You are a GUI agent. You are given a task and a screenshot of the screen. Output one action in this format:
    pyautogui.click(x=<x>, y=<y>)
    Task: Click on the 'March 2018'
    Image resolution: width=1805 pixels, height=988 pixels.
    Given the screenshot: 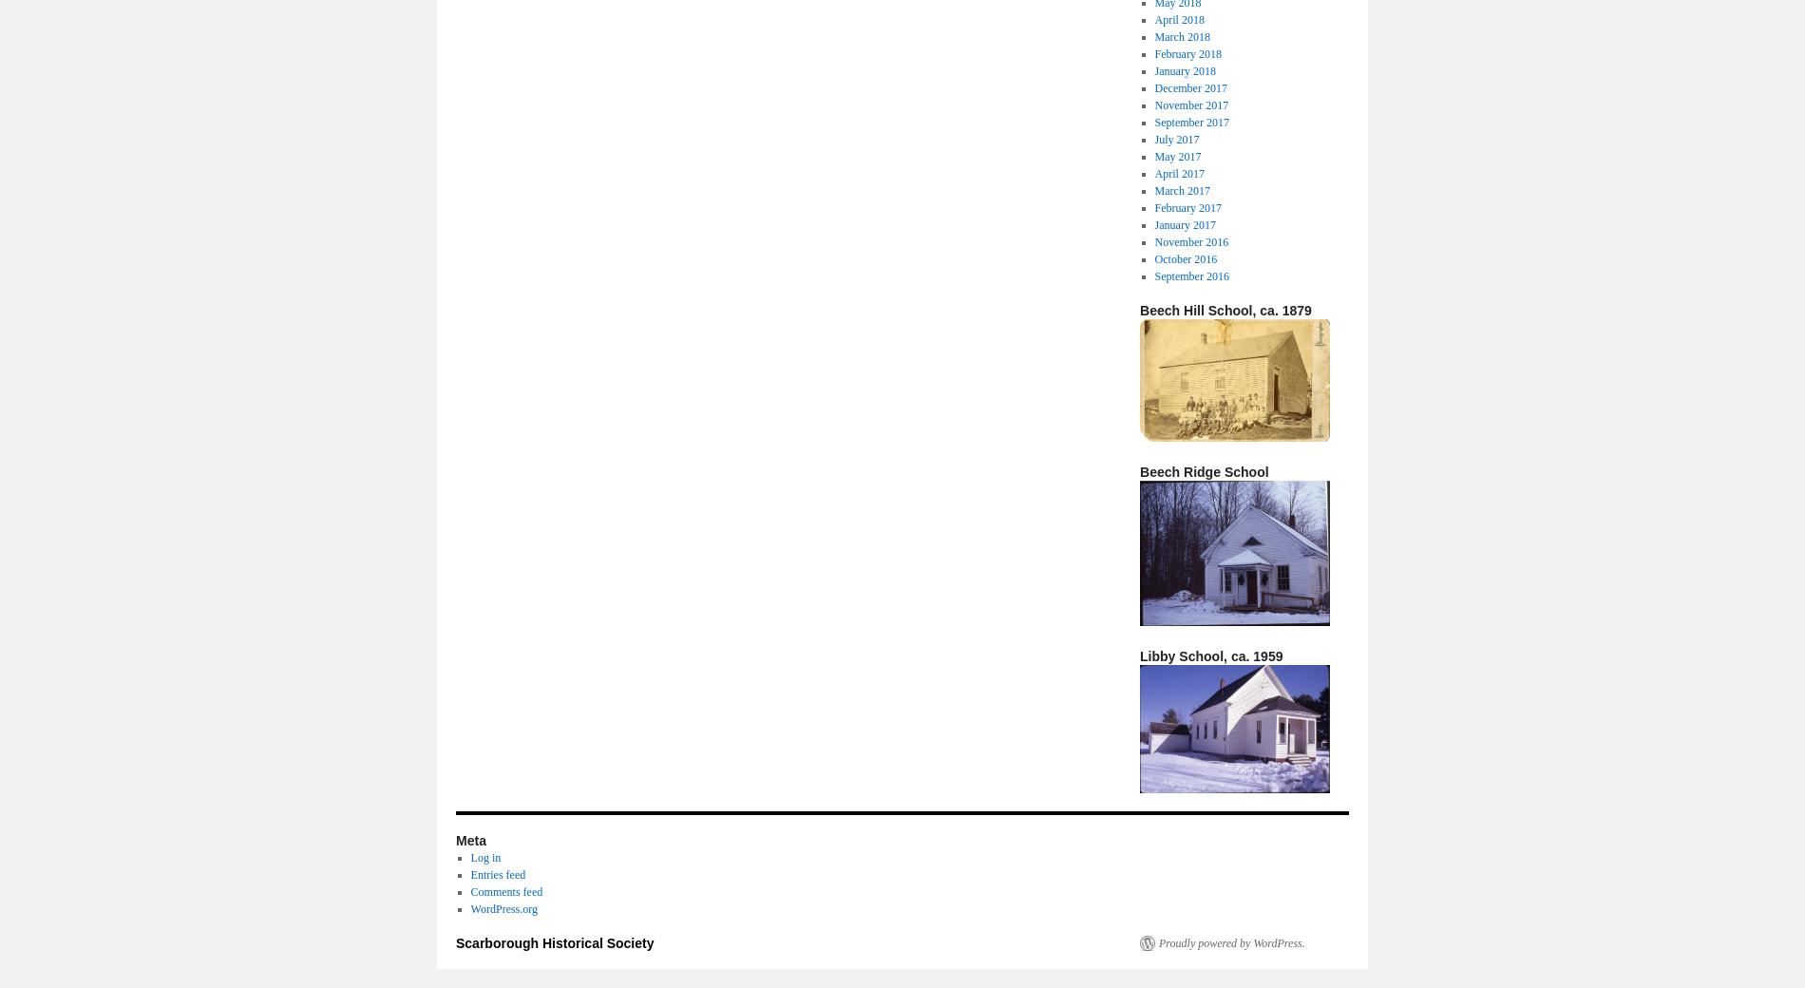 What is the action you would take?
    pyautogui.click(x=1180, y=36)
    